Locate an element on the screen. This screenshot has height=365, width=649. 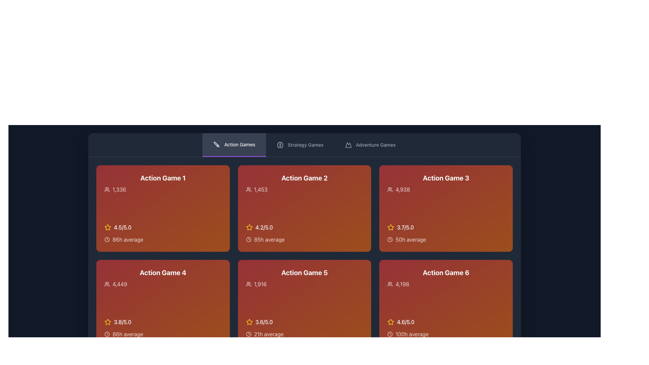
the star-shaped icon with a hollow outline and yellow coloring, located adjacent to the rating text '3.7/5.0' is located at coordinates (391, 227).